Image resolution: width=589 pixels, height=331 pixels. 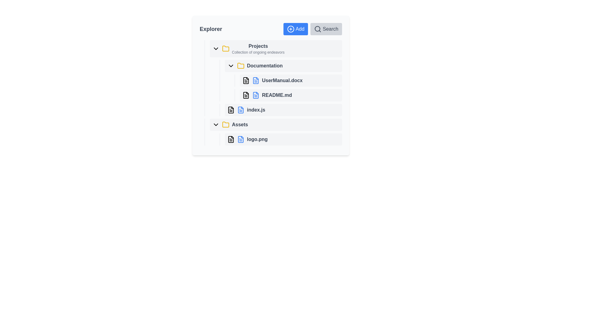 I want to click on the static text label providing context for the 'Projects' heading, which is positioned directly below the heading in the top-left section of the interface, so click(x=258, y=52).